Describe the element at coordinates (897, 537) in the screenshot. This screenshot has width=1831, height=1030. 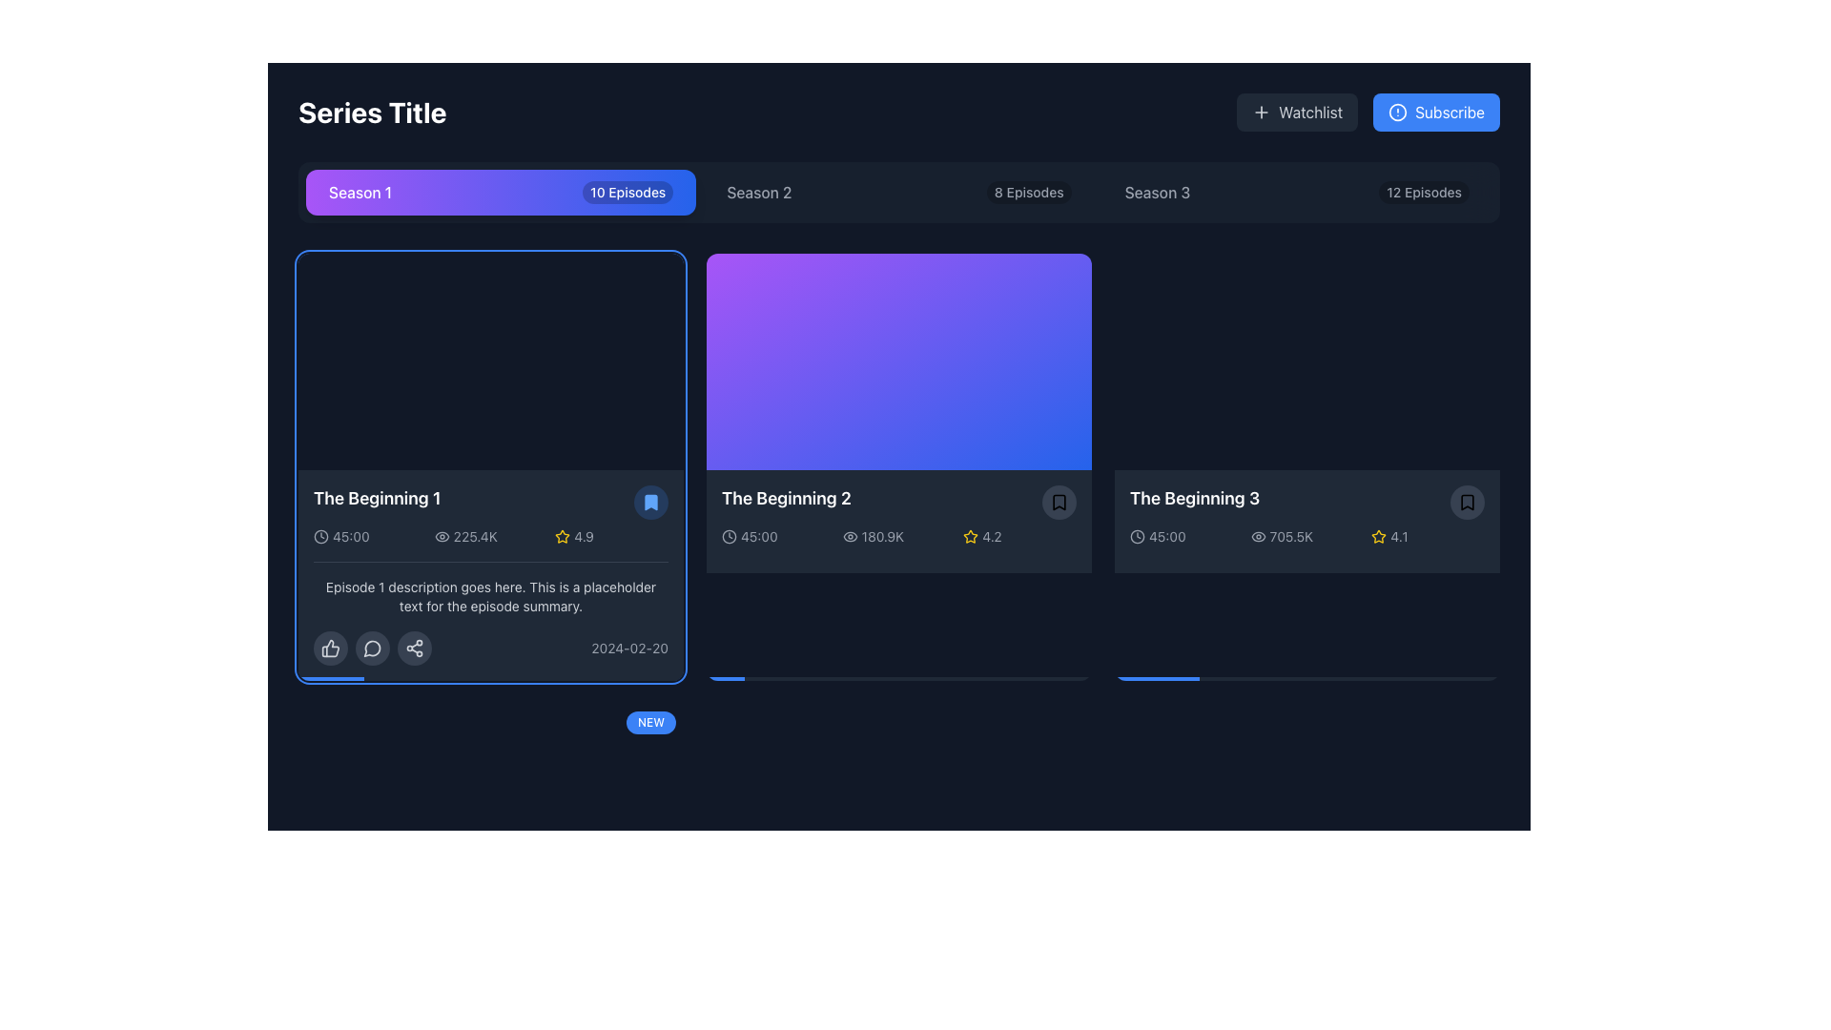
I see `the composite text and icon group displaying metadata for 'The Beginning 2', which includes a clock icon showing '45:00', an eye icon with '180.9K', and a star icon with a rating of '4.2', located beneath the title in the center card of the second row` at that location.